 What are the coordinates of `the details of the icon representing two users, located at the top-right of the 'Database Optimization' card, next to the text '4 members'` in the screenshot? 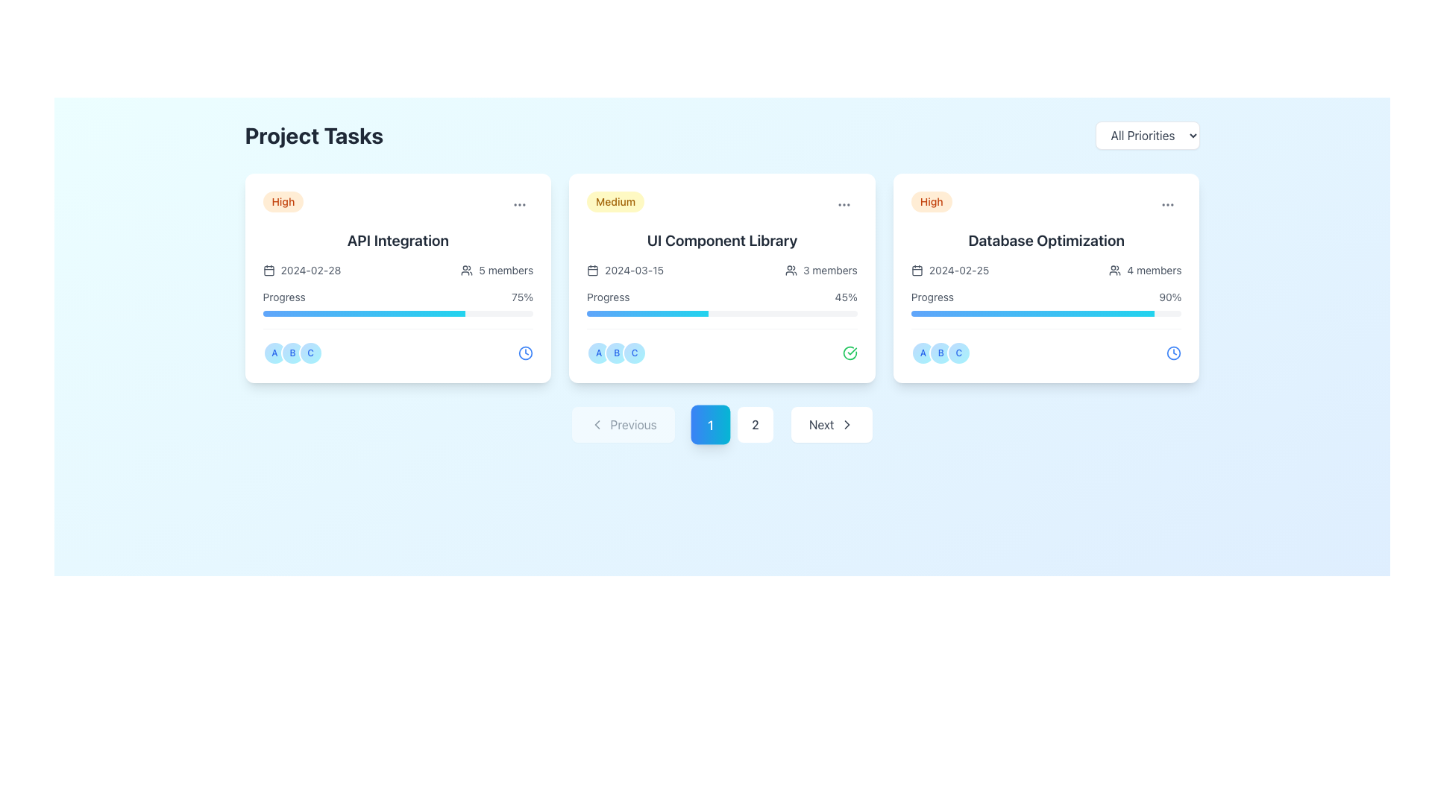 It's located at (1115, 270).